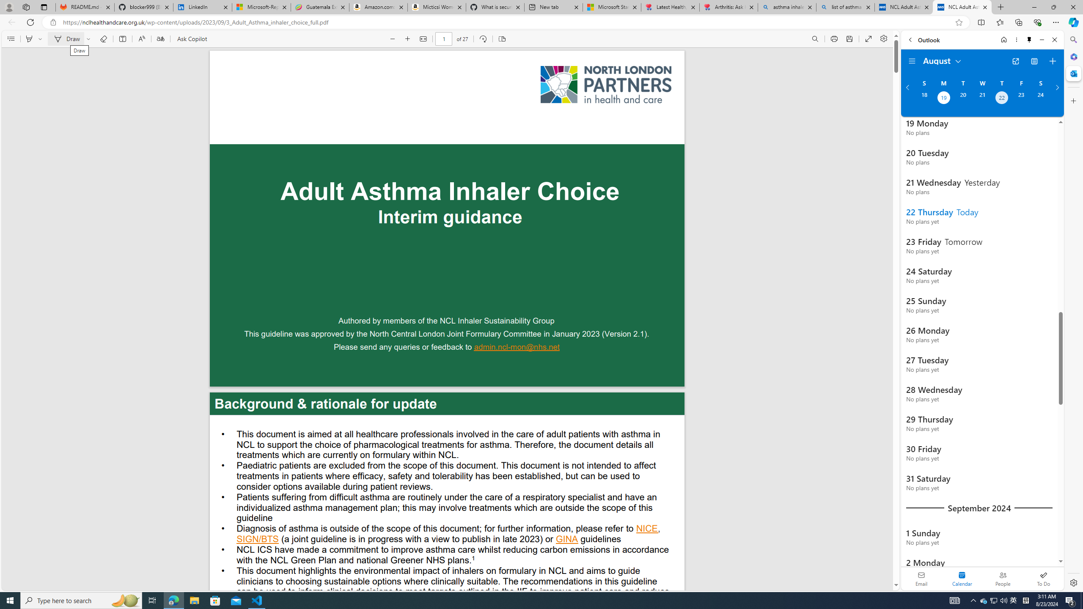 The width and height of the screenshot is (1083, 609). Describe the element at coordinates (1002, 99) in the screenshot. I see `'Thursday, August 22, 2024. Today. '` at that location.